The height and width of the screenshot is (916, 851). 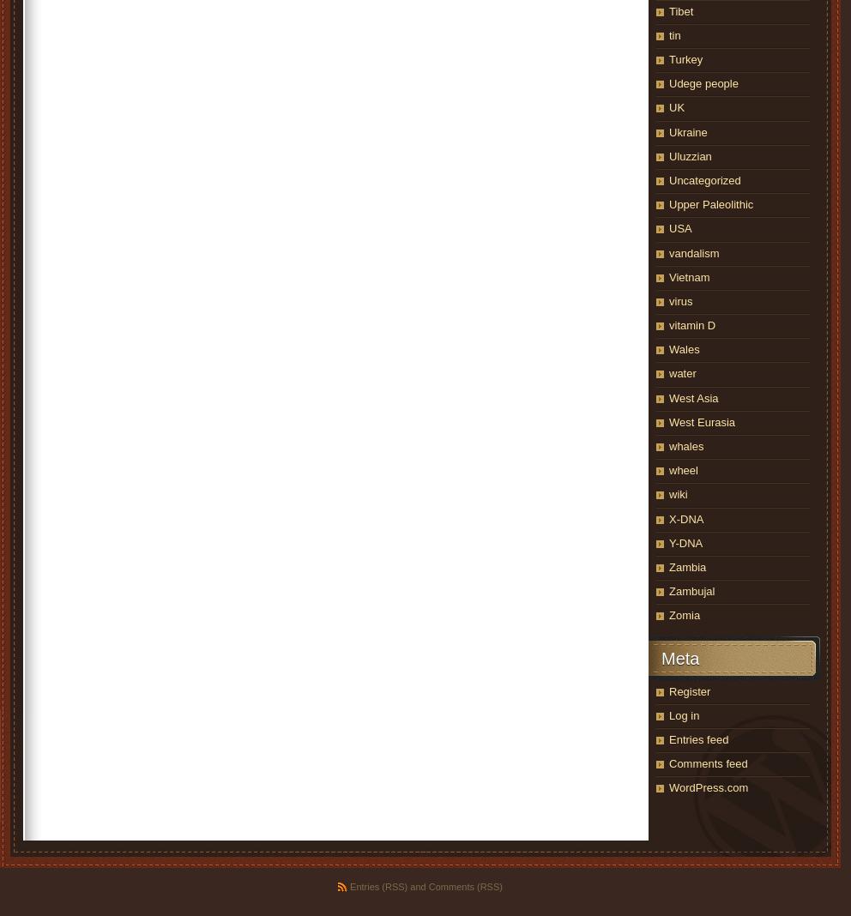 I want to click on 'and', so click(x=417, y=887).